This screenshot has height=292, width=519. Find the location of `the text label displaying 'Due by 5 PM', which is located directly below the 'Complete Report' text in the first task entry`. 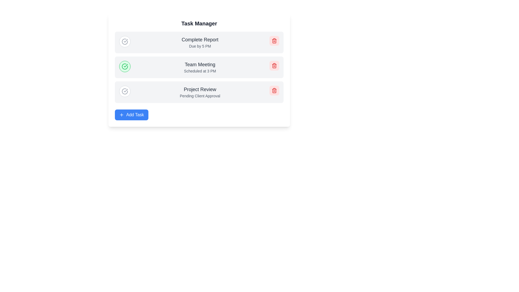

the text label displaying 'Due by 5 PM', which is located directly below the 'Complete Report' text in the first task entry is located at coordinates (199, 46).